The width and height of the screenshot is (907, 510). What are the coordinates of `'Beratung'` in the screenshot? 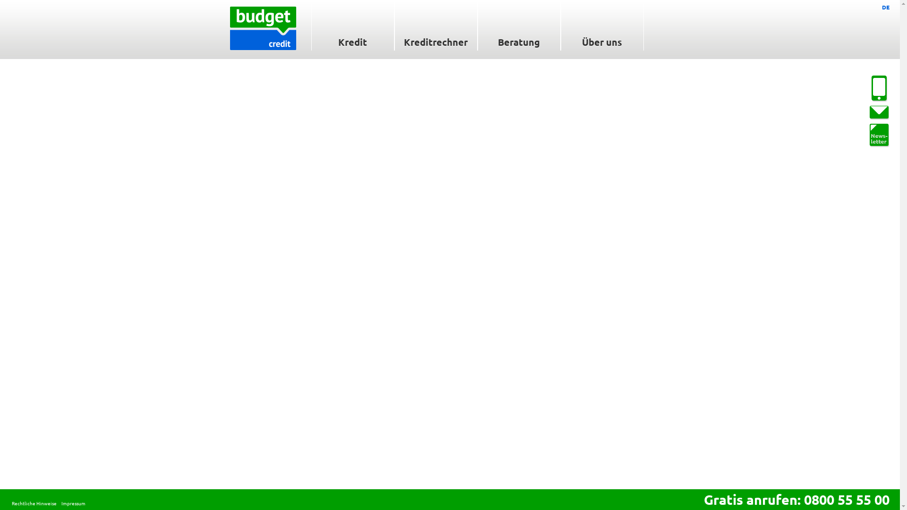 It's located at (477, 25).